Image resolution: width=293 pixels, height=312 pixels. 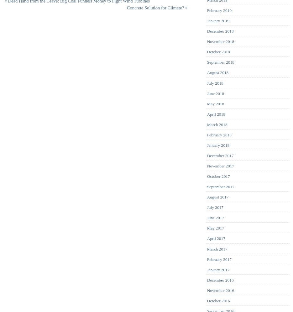 I want to click on 'May 2018', so click(x=215, y=103).